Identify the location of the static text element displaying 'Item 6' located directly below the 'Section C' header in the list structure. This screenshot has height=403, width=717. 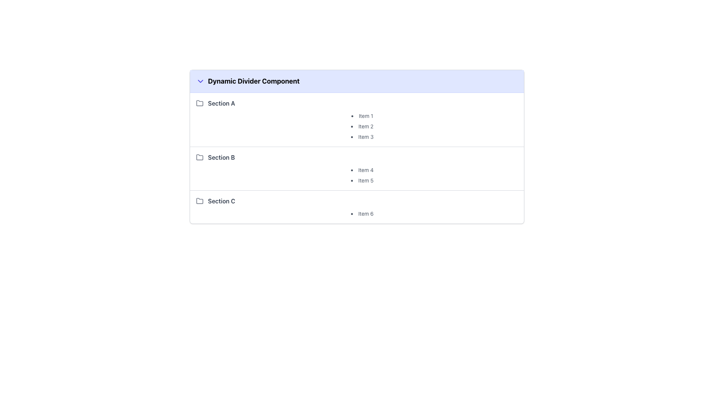
(356, 214).